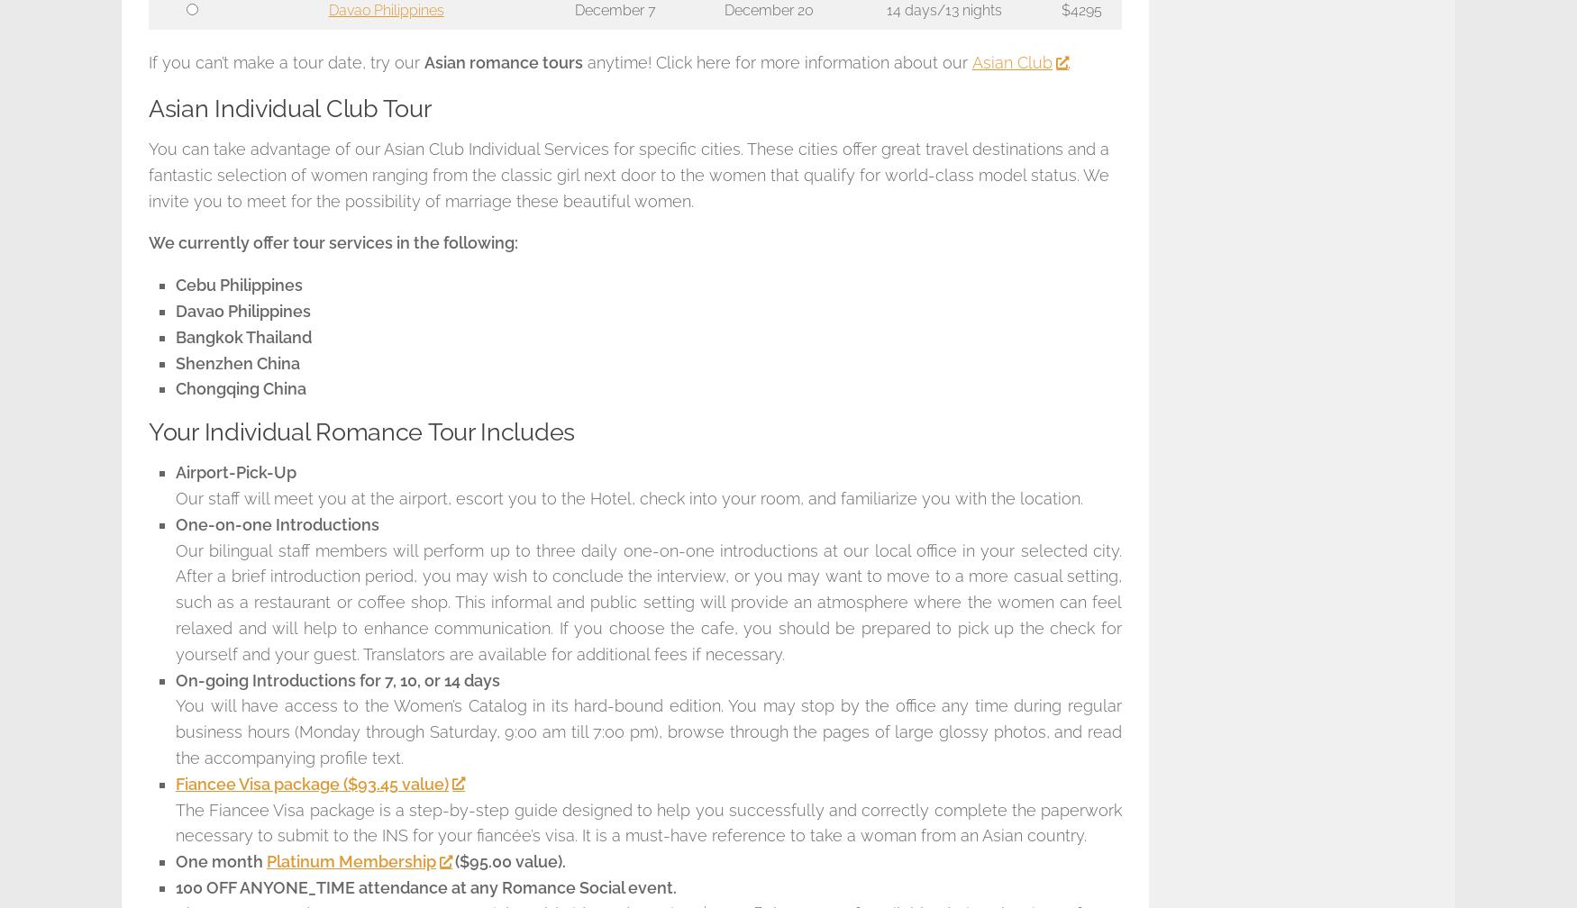  Describe the element at coordinates (333, 242) in the screenshot. I see `'We currently offer tour services in the following:'` at that location.